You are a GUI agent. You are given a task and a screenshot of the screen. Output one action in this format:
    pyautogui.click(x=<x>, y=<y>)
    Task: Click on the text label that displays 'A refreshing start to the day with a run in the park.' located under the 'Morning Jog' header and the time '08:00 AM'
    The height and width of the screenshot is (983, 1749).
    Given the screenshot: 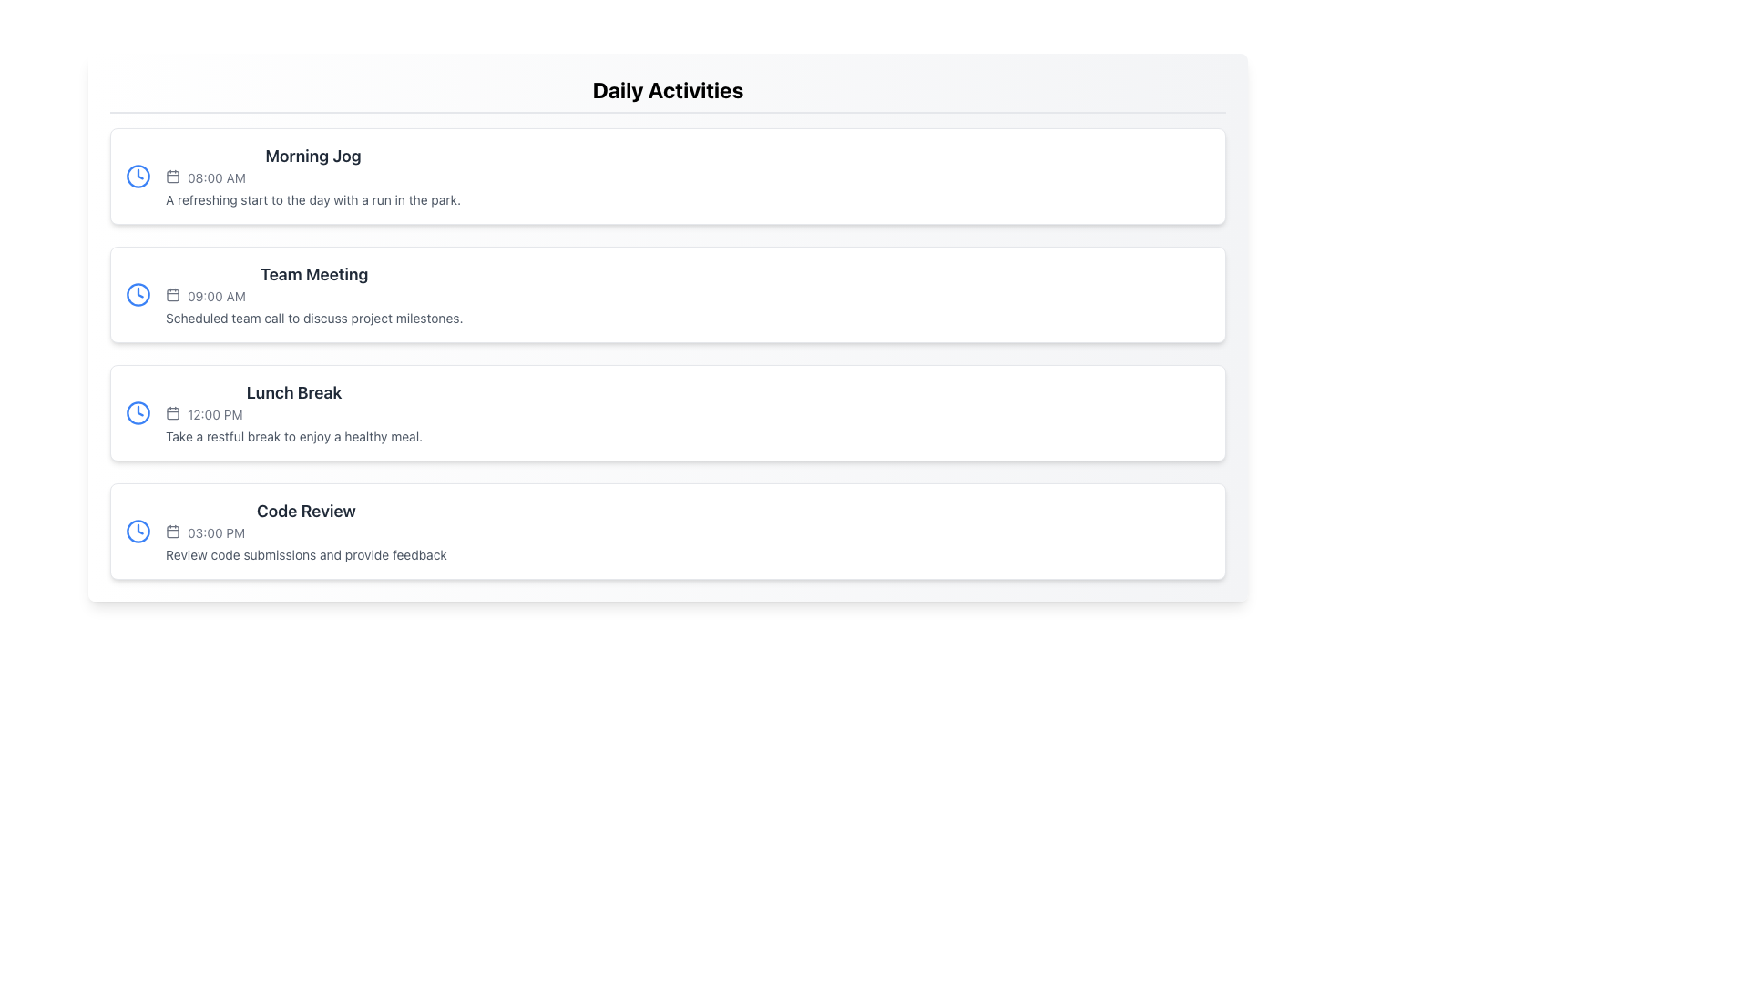 What is the action you would take?
    pyautogui.click(x=313, y=199)
    